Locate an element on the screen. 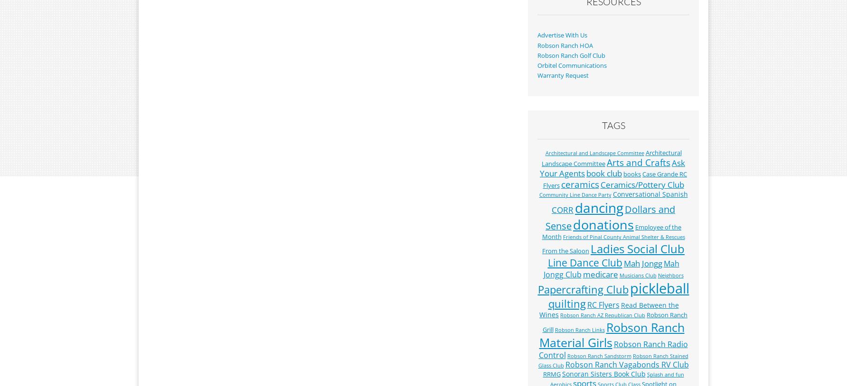 This screenshot has height=386, width=847. 'Robson Ranch Material Girls' is located at coordinates (538, 334).